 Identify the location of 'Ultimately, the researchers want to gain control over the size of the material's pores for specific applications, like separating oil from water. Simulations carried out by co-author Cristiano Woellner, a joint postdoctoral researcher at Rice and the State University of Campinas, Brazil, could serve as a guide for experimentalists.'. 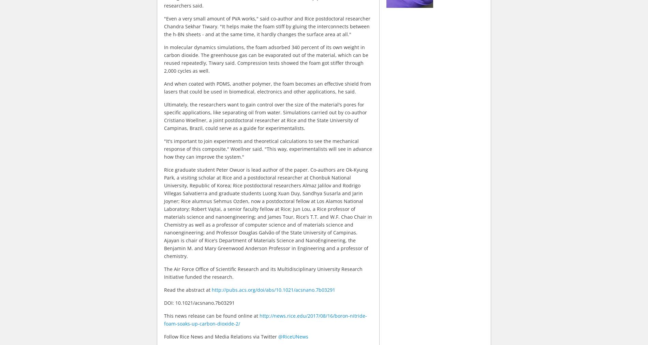
(265, 115).